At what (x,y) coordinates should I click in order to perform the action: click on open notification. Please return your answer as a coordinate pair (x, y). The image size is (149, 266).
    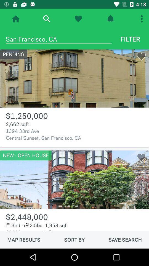
    Looking at the image, I should click on (110, 19).